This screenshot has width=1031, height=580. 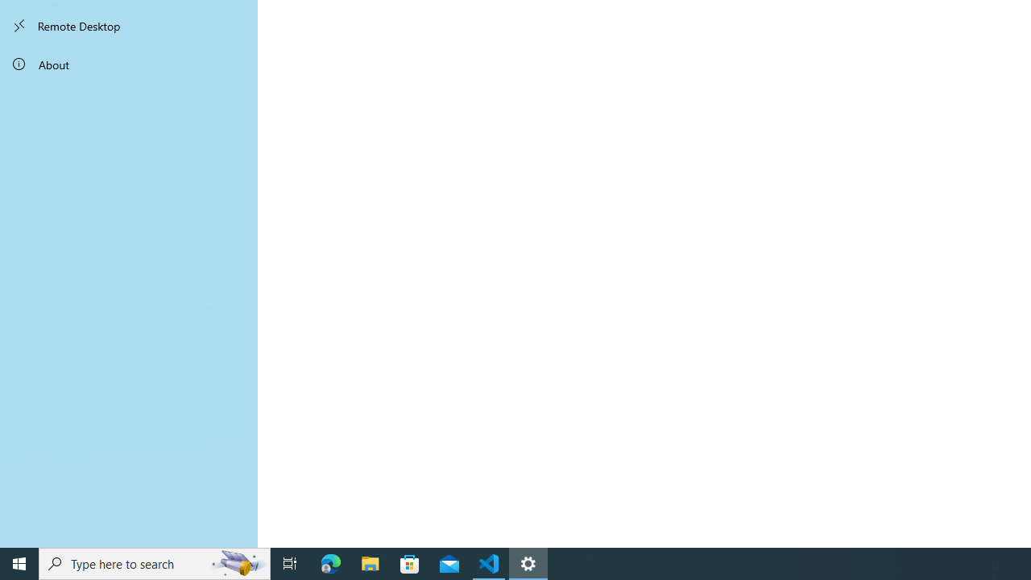 I want to click on 'Remote Desktop', so click(x=129, y=26).